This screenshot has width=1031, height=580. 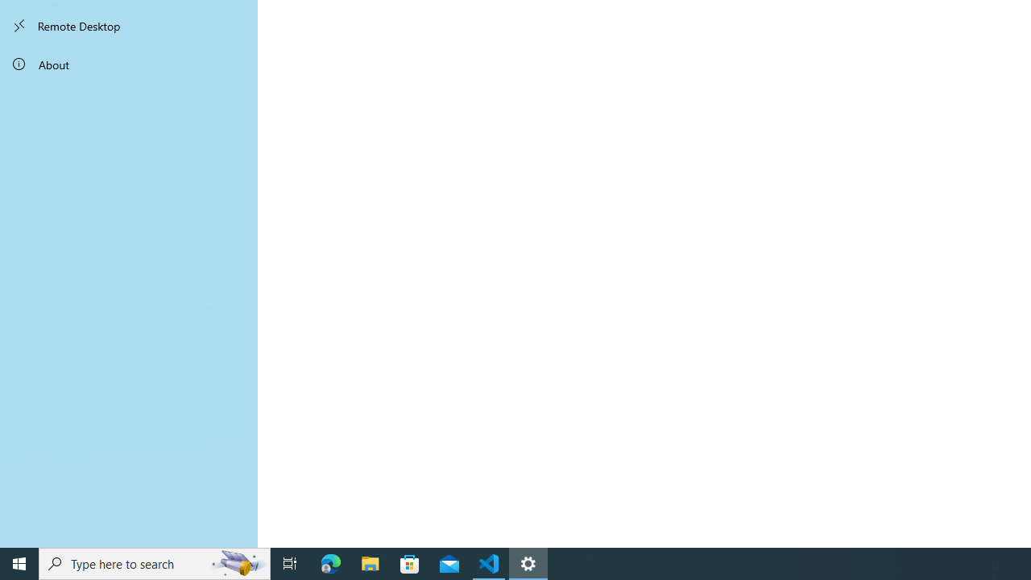 I want to click on 'Remote Desktop', so click(x=129, y=26).